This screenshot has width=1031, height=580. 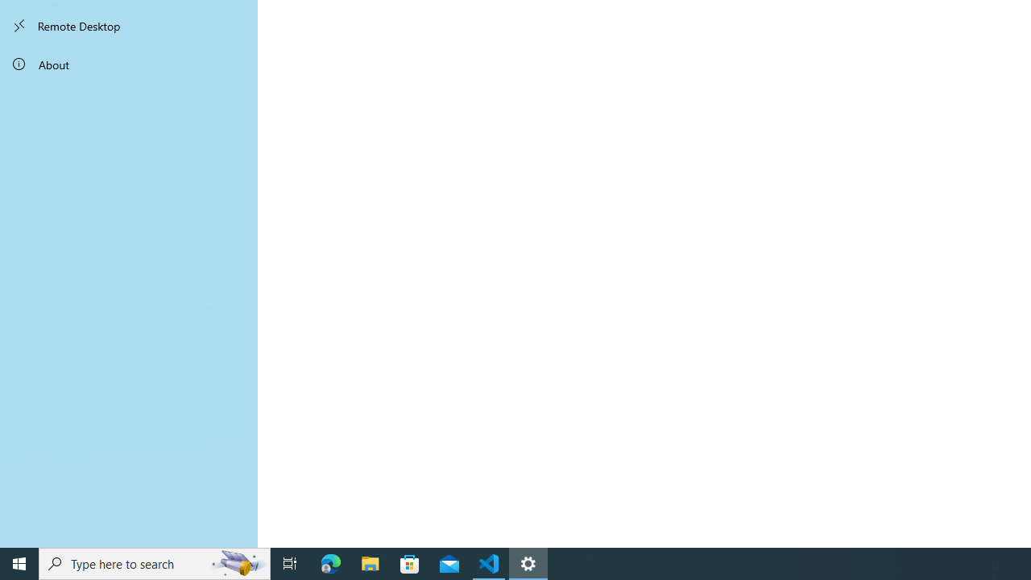 I want to click on 'Remote Desktop', so click(x=129, y=26).